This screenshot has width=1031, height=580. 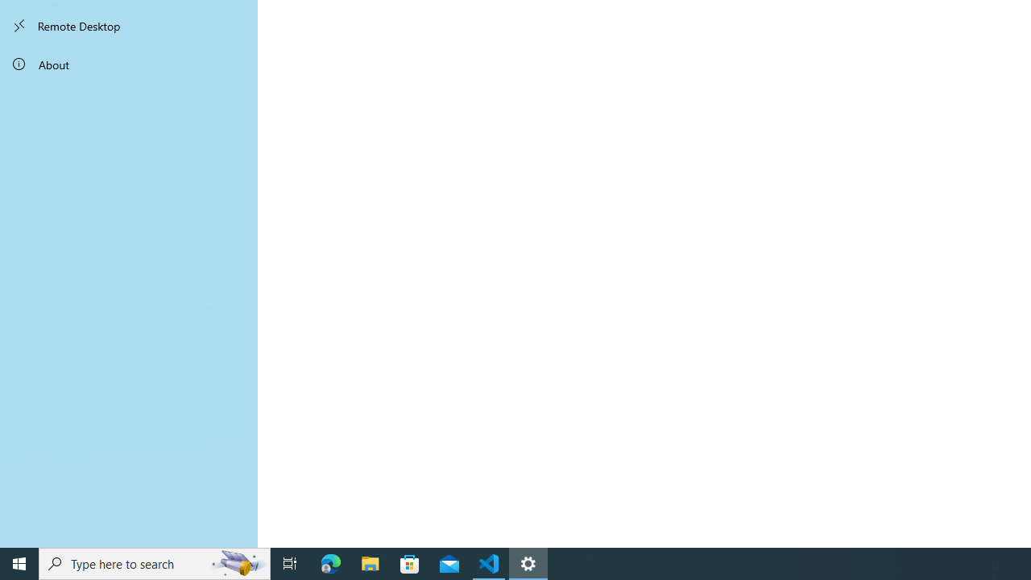 I want to click on 'Remote Desktop', so click(x=129, y=26).